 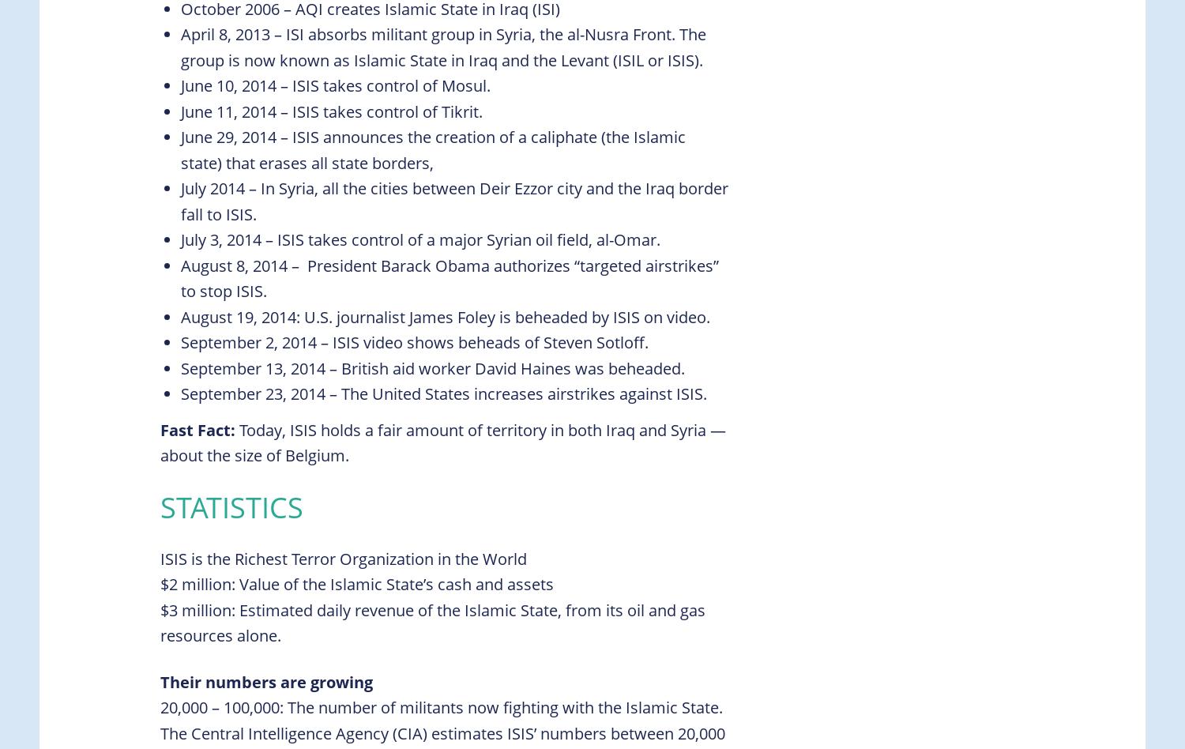 I want to click on 'July 3, 2014 – ISIS takes control of a major Syrian oil field, al-Omar.', so click(x=420, y=239).